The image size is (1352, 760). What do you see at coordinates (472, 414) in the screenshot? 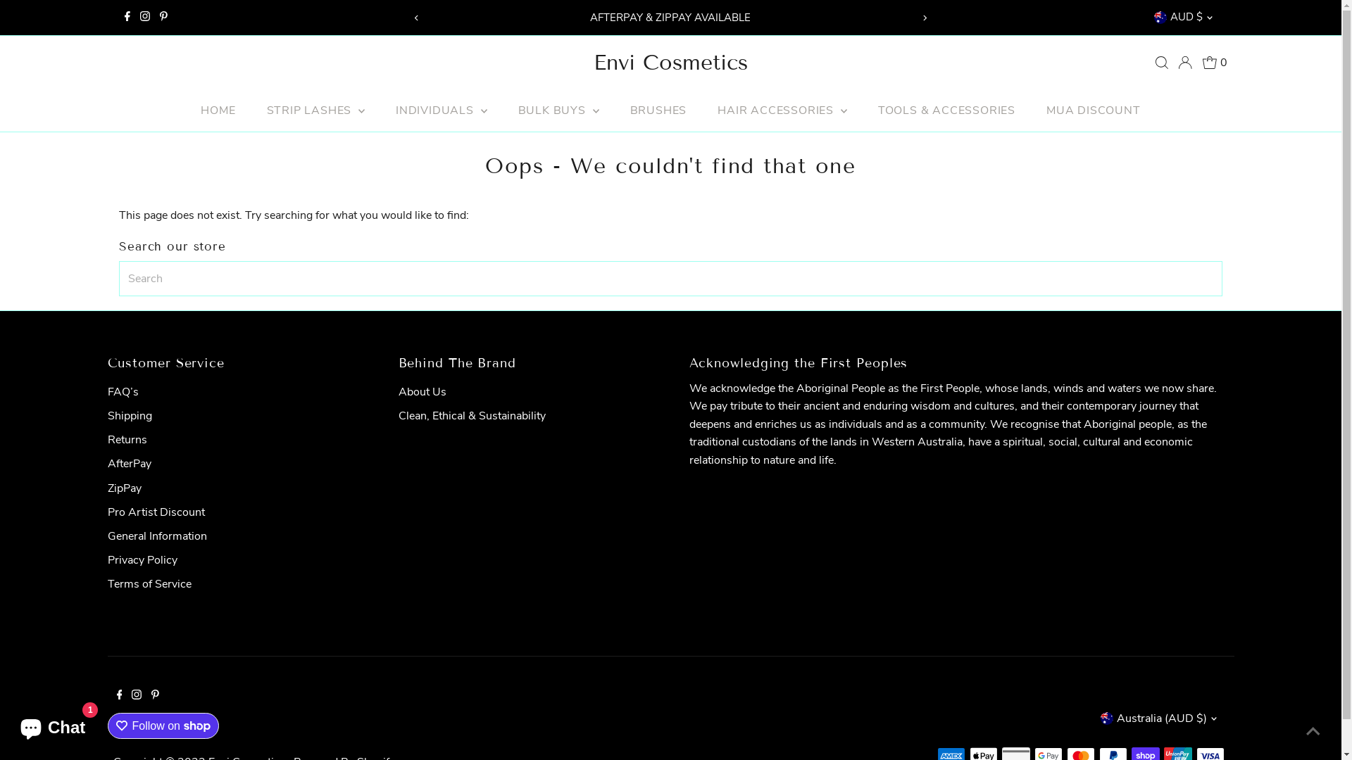
I see `'Clean, Ethical & Sustainability'` at bounding box center [472, 414].